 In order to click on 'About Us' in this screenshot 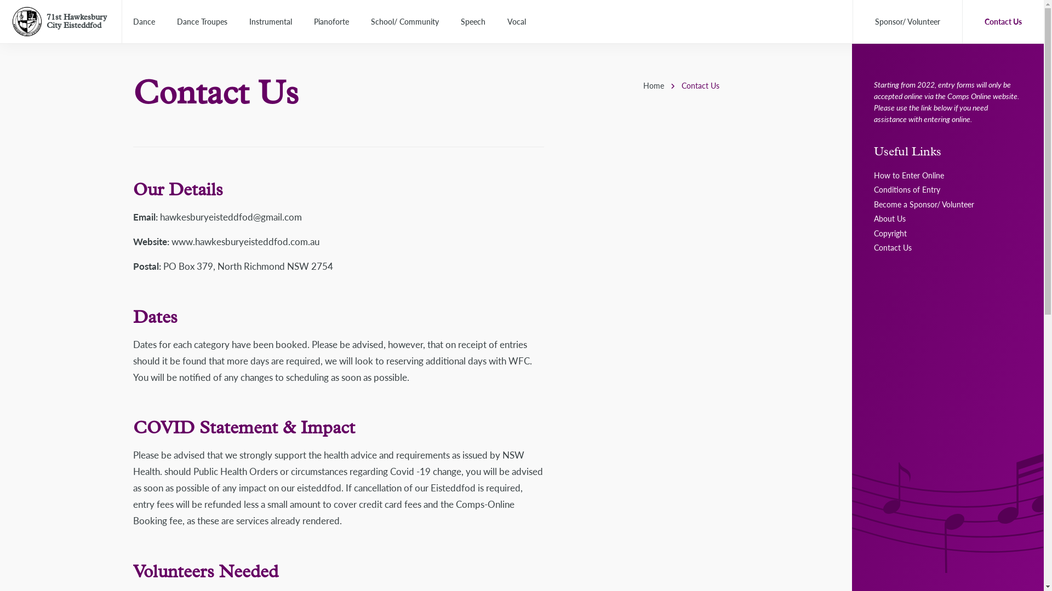, I will do `click(873, 218)`.